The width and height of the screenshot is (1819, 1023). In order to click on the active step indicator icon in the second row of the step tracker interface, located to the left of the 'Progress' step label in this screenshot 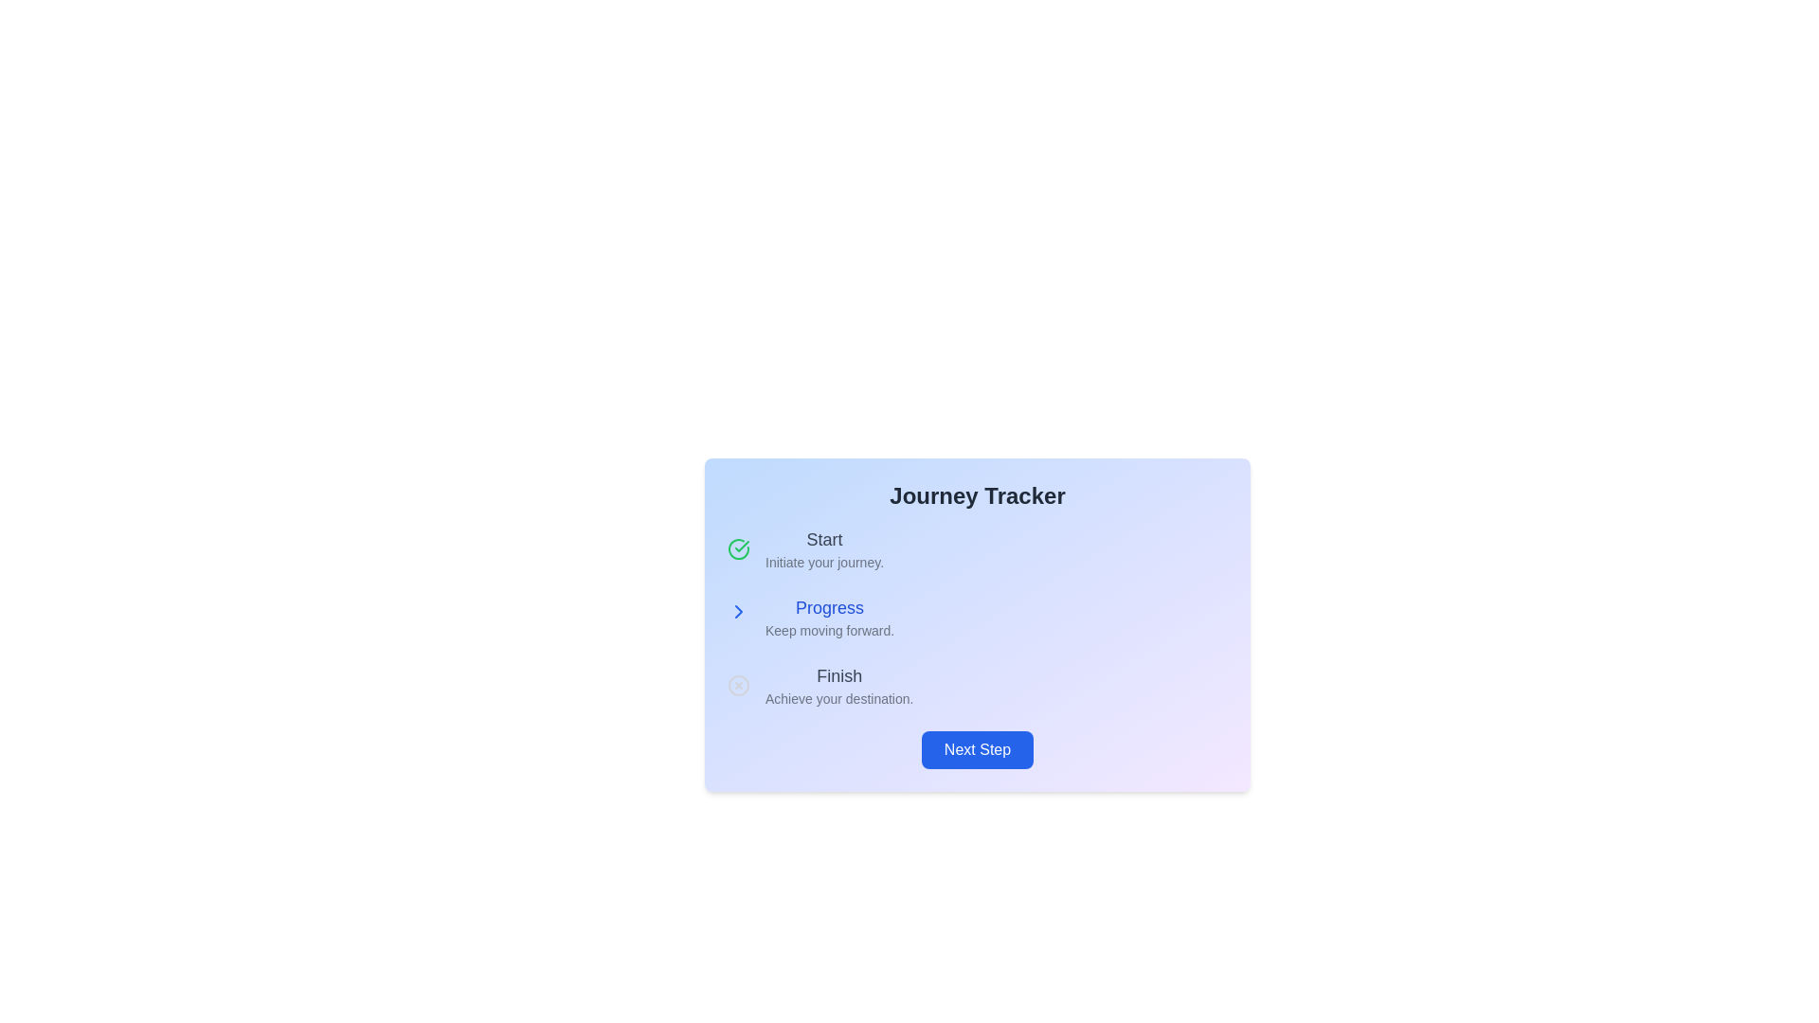, I will do `click(737, 616)`.